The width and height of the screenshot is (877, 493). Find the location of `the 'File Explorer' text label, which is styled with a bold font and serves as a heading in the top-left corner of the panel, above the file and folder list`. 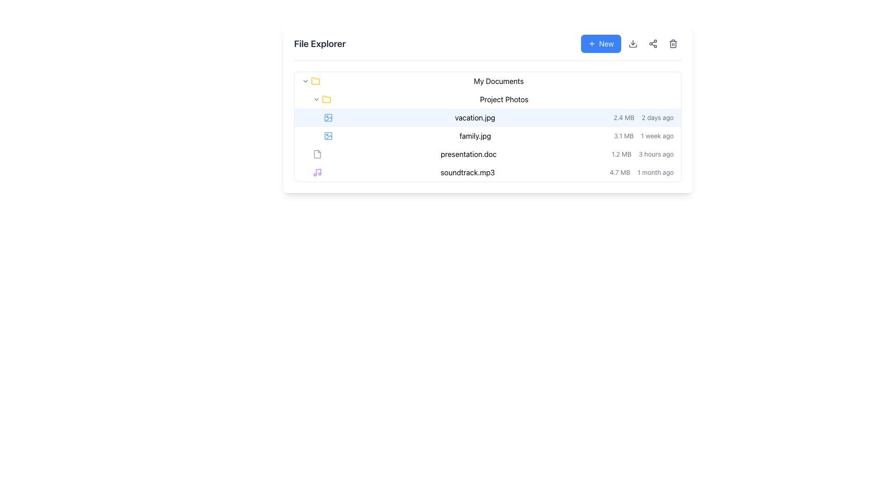

the 'File Explorer' text label, which is styled with a bold font and serves as a heading in the top-left corner of the panel, above the file and folder list is located at coordinates (320, 44).